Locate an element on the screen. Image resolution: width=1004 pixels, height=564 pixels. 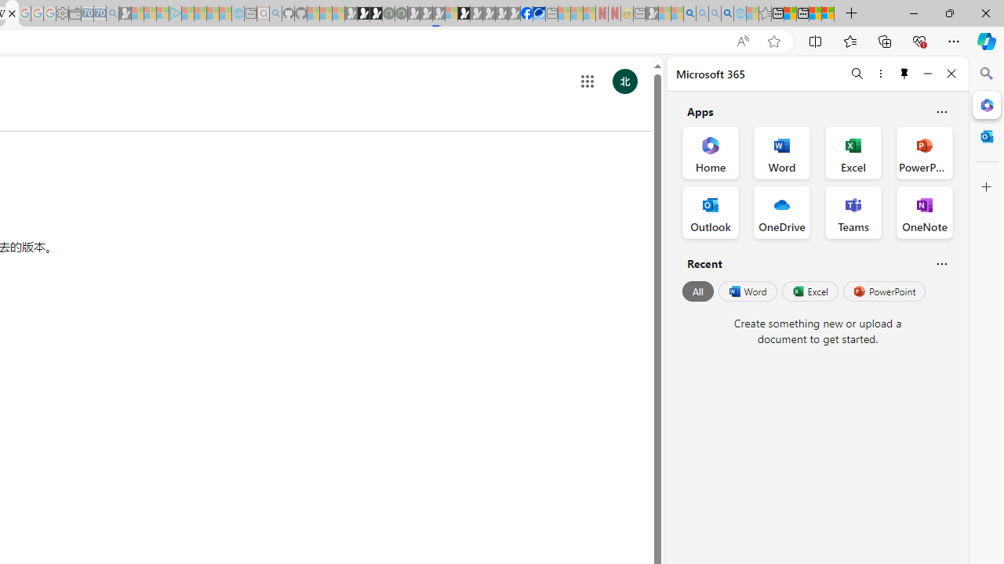
'PowerPoint' is located at coordinates (884, 291).